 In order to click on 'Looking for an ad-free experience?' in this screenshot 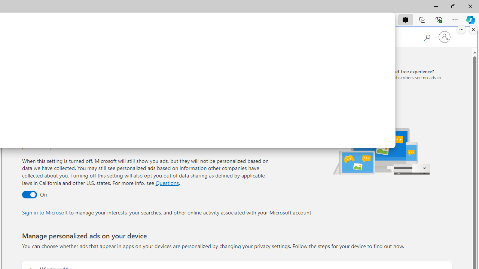, I will do `click(397, 77)`.